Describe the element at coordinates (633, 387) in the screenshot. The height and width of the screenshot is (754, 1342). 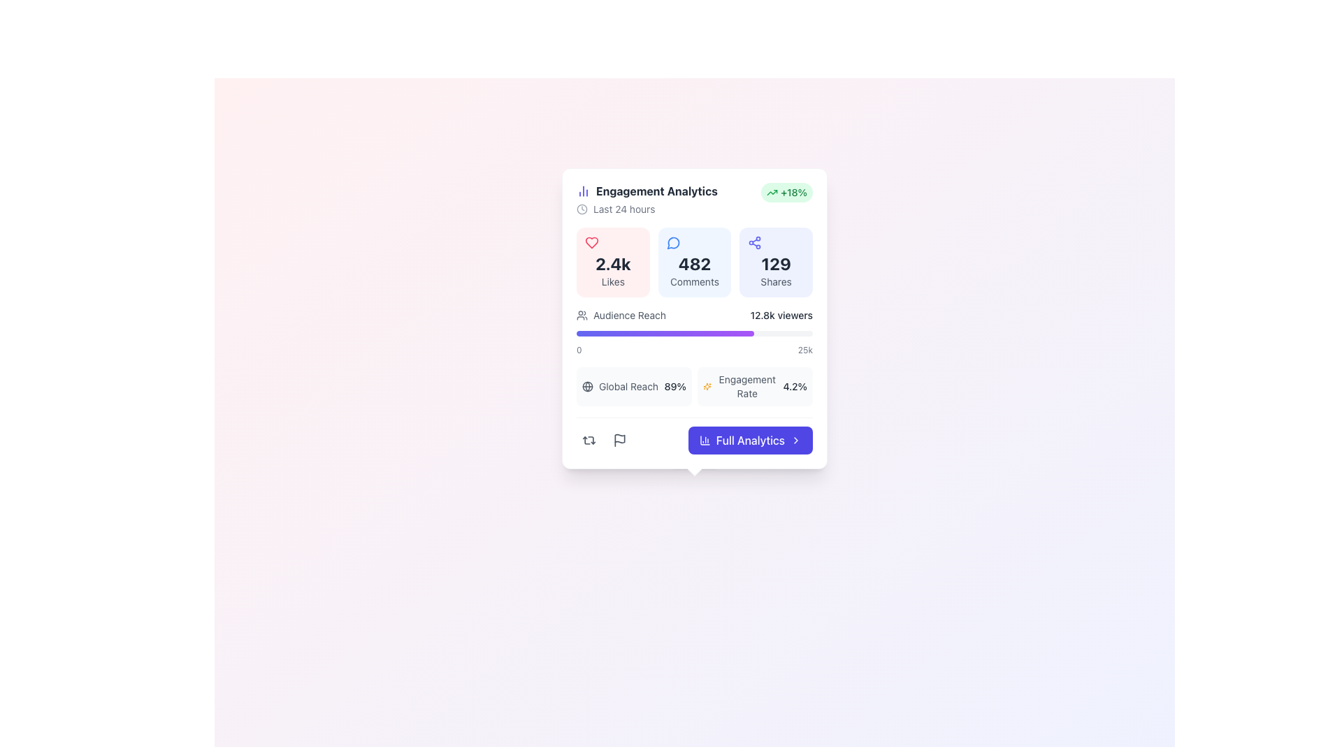
I see `the 'Global Reach' informational display, which shows a metric with an icon, label, and percentage value, located in the lower-middle section of the card interface` at that location.